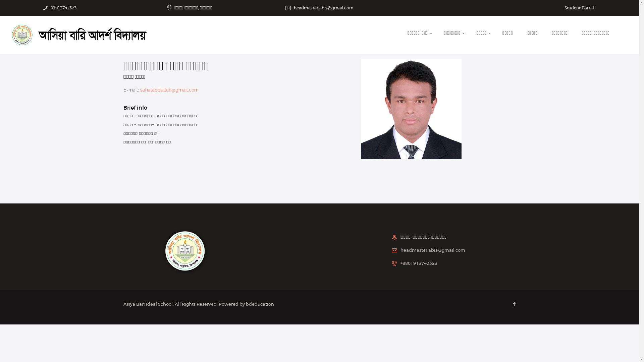  I want to click on '01913742323', so click(63, 8).